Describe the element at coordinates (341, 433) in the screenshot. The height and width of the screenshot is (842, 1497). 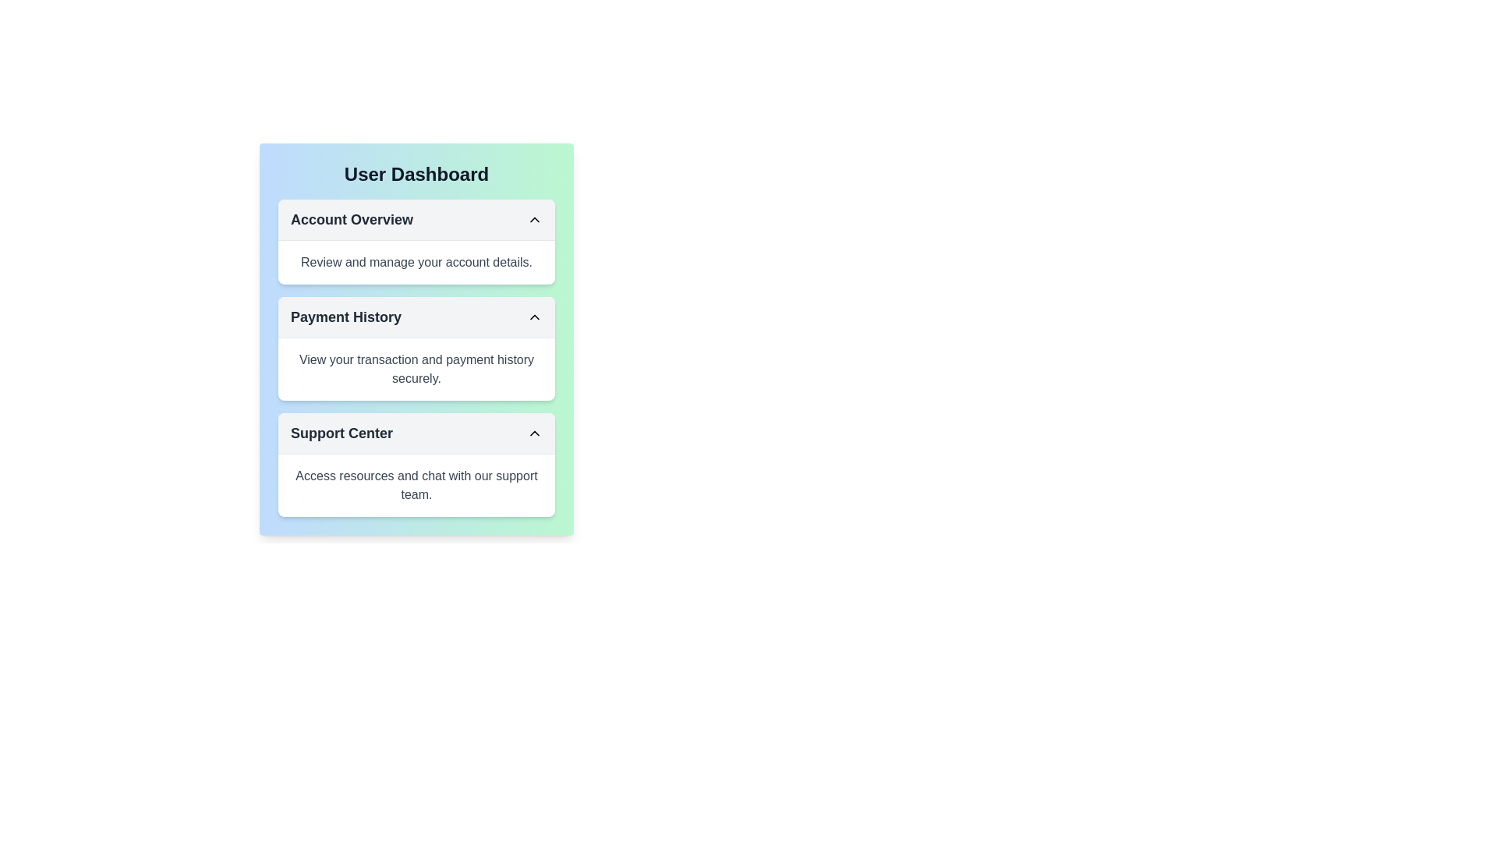
I see `text label 'Support Center' which is styled in bold dark gray within the third section of the vertical menu` at that location.